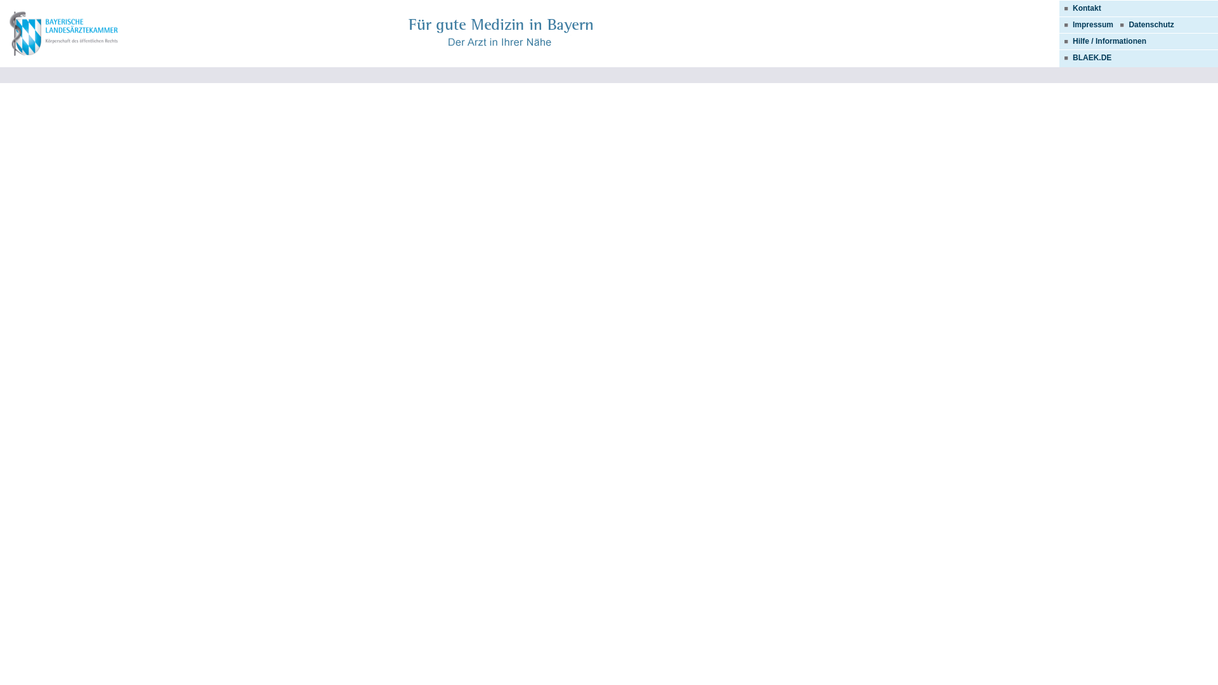 Image resolution: width=1218 pixels, height=685 pixels. I want to click on 'BLAEK.DE', so click(1084, 58).